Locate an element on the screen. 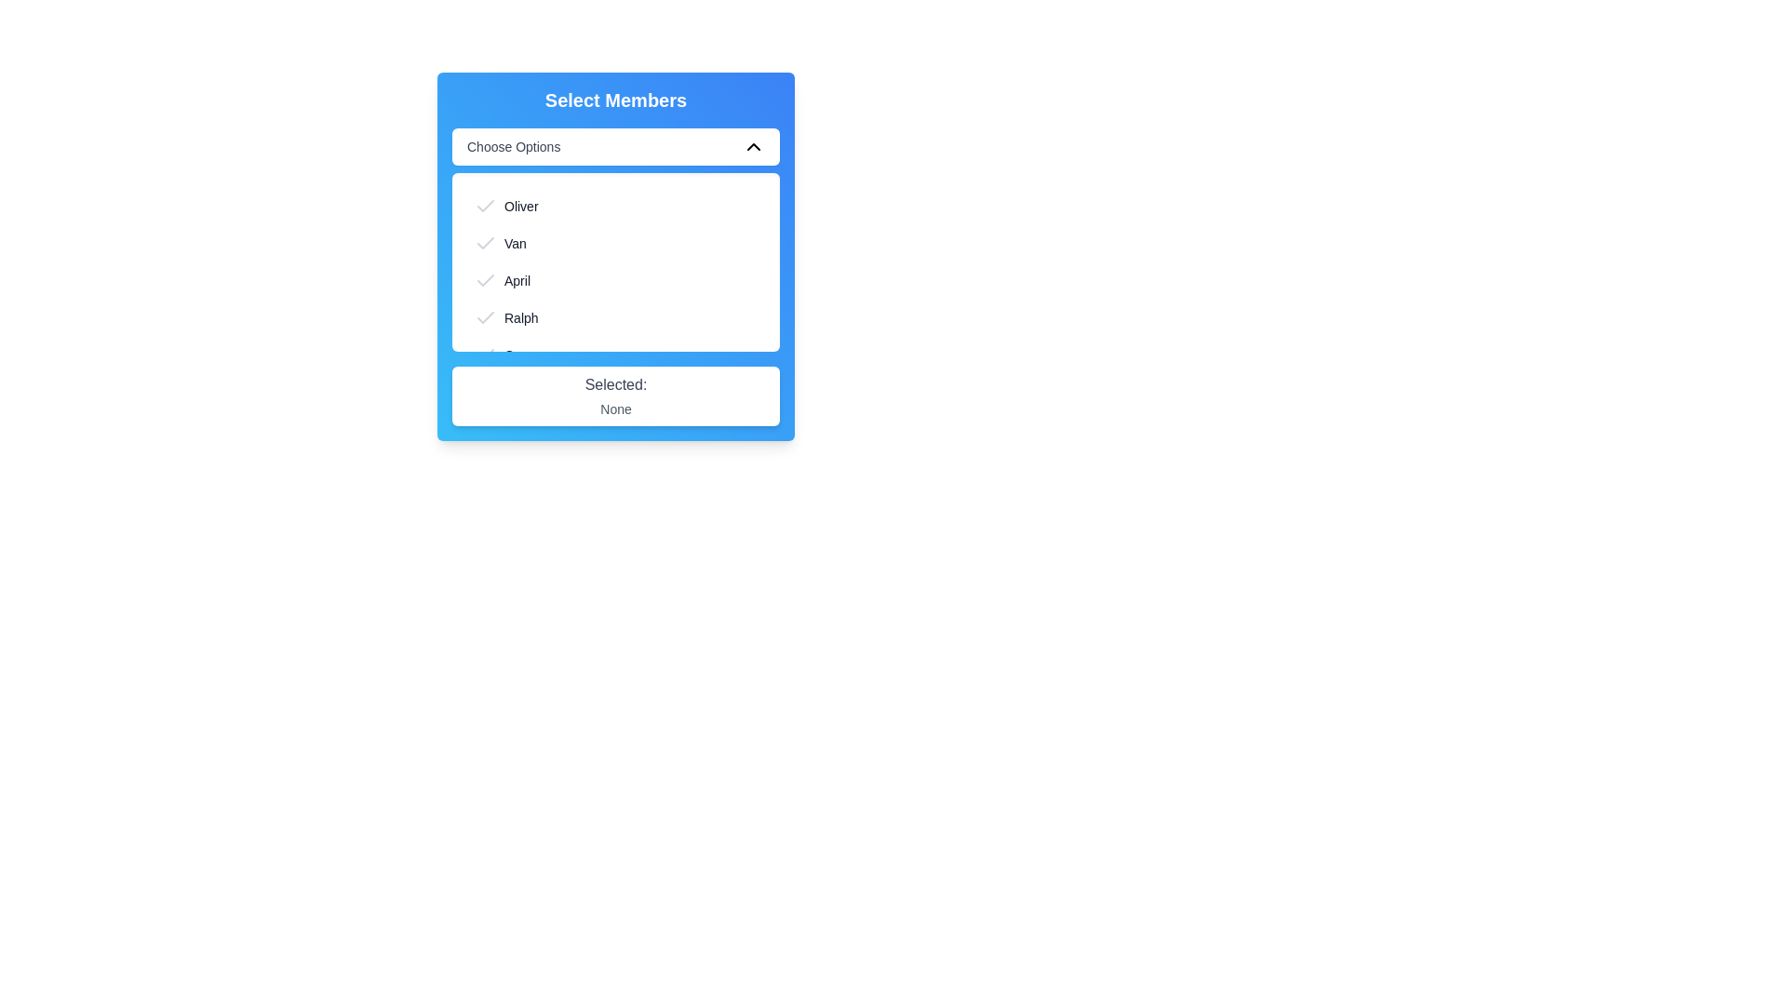 This screenshot has width=1787, height=1005. the chevron icon in the top-right corner of the 'Choose Options' interactive box is located at coordinates (754, 146).